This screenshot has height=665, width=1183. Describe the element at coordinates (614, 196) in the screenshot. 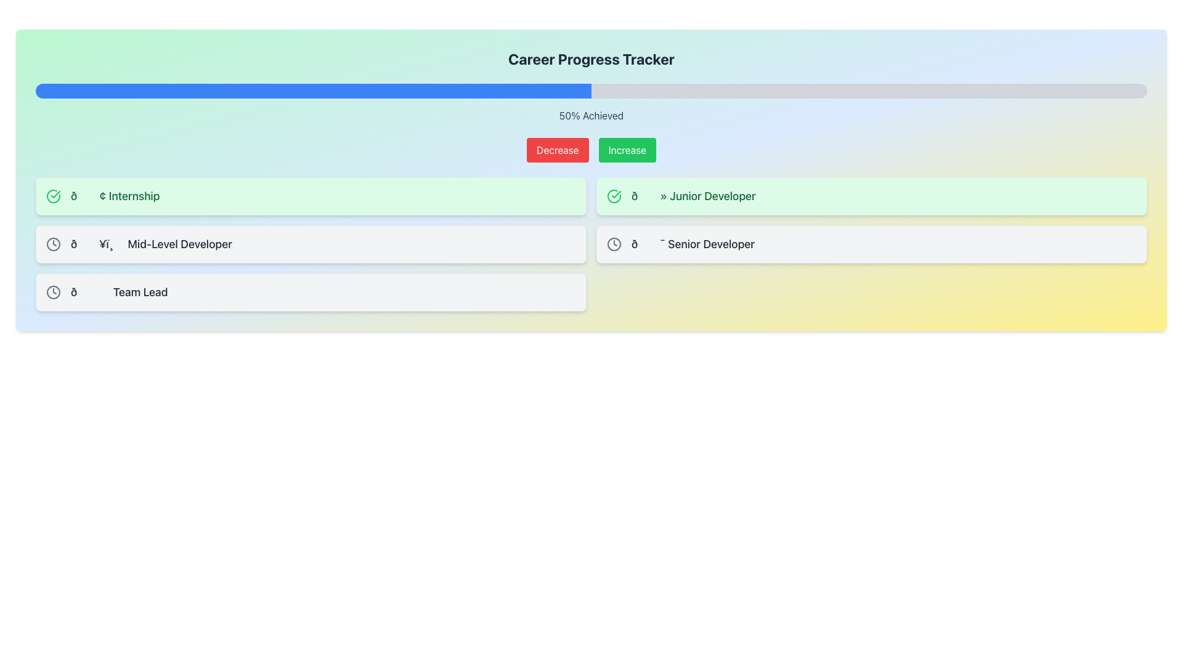

I see `the green checkmark icon, which is a circular graphic with a lighter green checkmark inside, located near the left side of the 'Junior Developer' label in the interactive list item` at that location.